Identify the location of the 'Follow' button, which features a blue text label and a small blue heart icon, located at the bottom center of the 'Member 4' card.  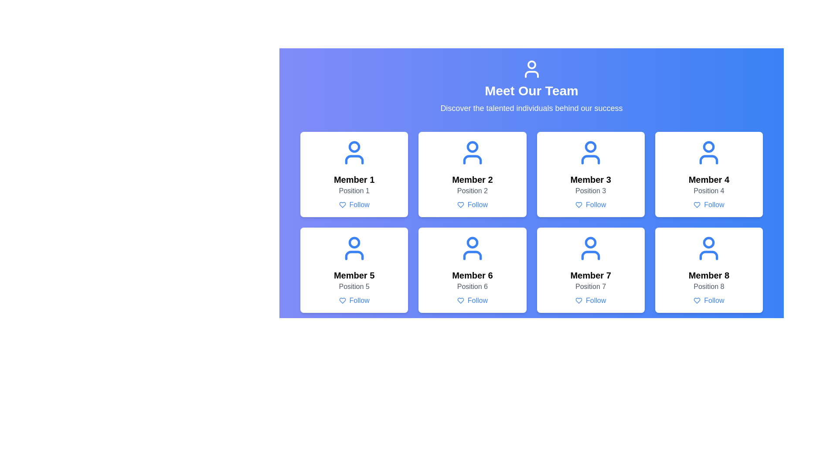
(709, 205).